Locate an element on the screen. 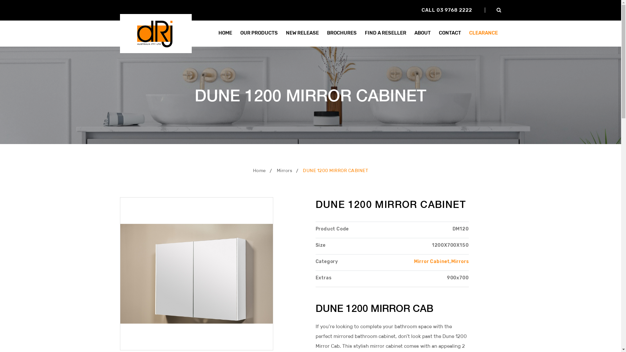 The height and width of the screenshot is (352, 626). 'Mirrors' is located at coordinates (285, 170).